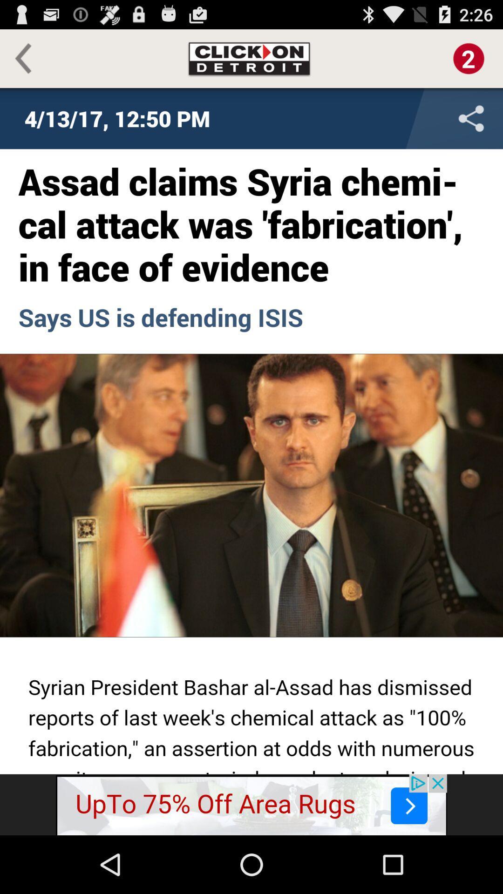  I want to click on share the article, so click(409, 118).